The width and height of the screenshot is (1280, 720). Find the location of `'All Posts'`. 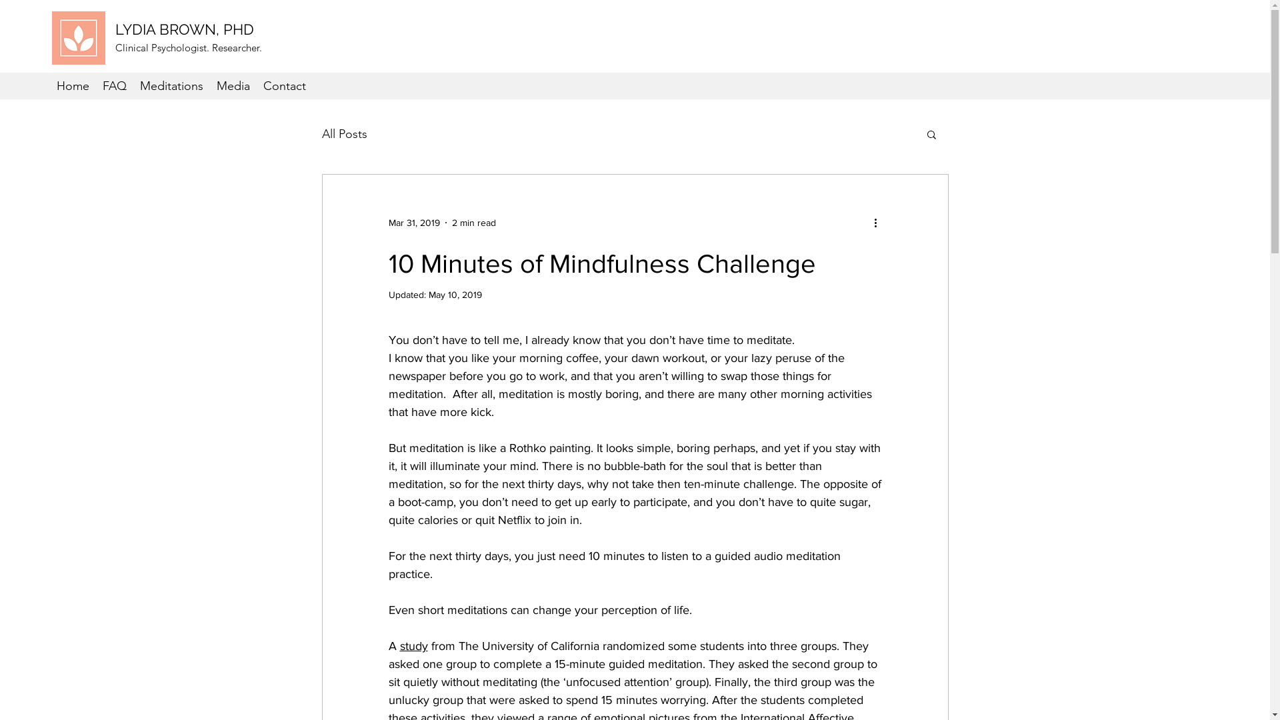

'All Posts' is located at coordinates (321, 133).